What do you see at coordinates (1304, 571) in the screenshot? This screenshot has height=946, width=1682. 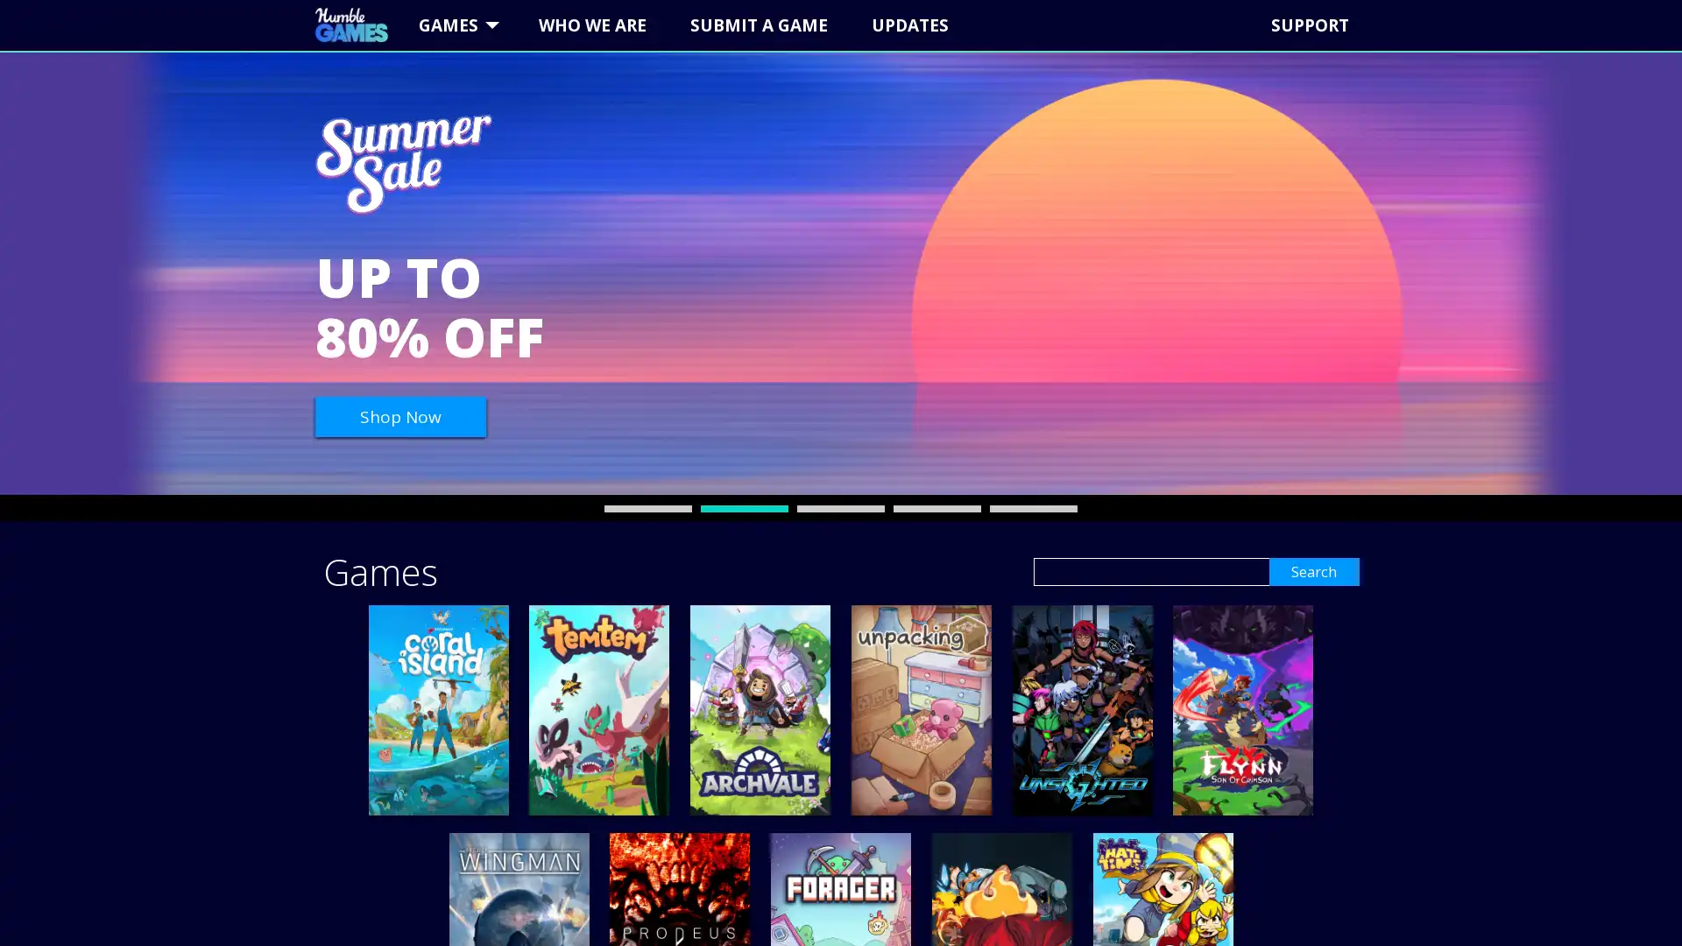 I see `Search` at bounding box center [1304, 571].